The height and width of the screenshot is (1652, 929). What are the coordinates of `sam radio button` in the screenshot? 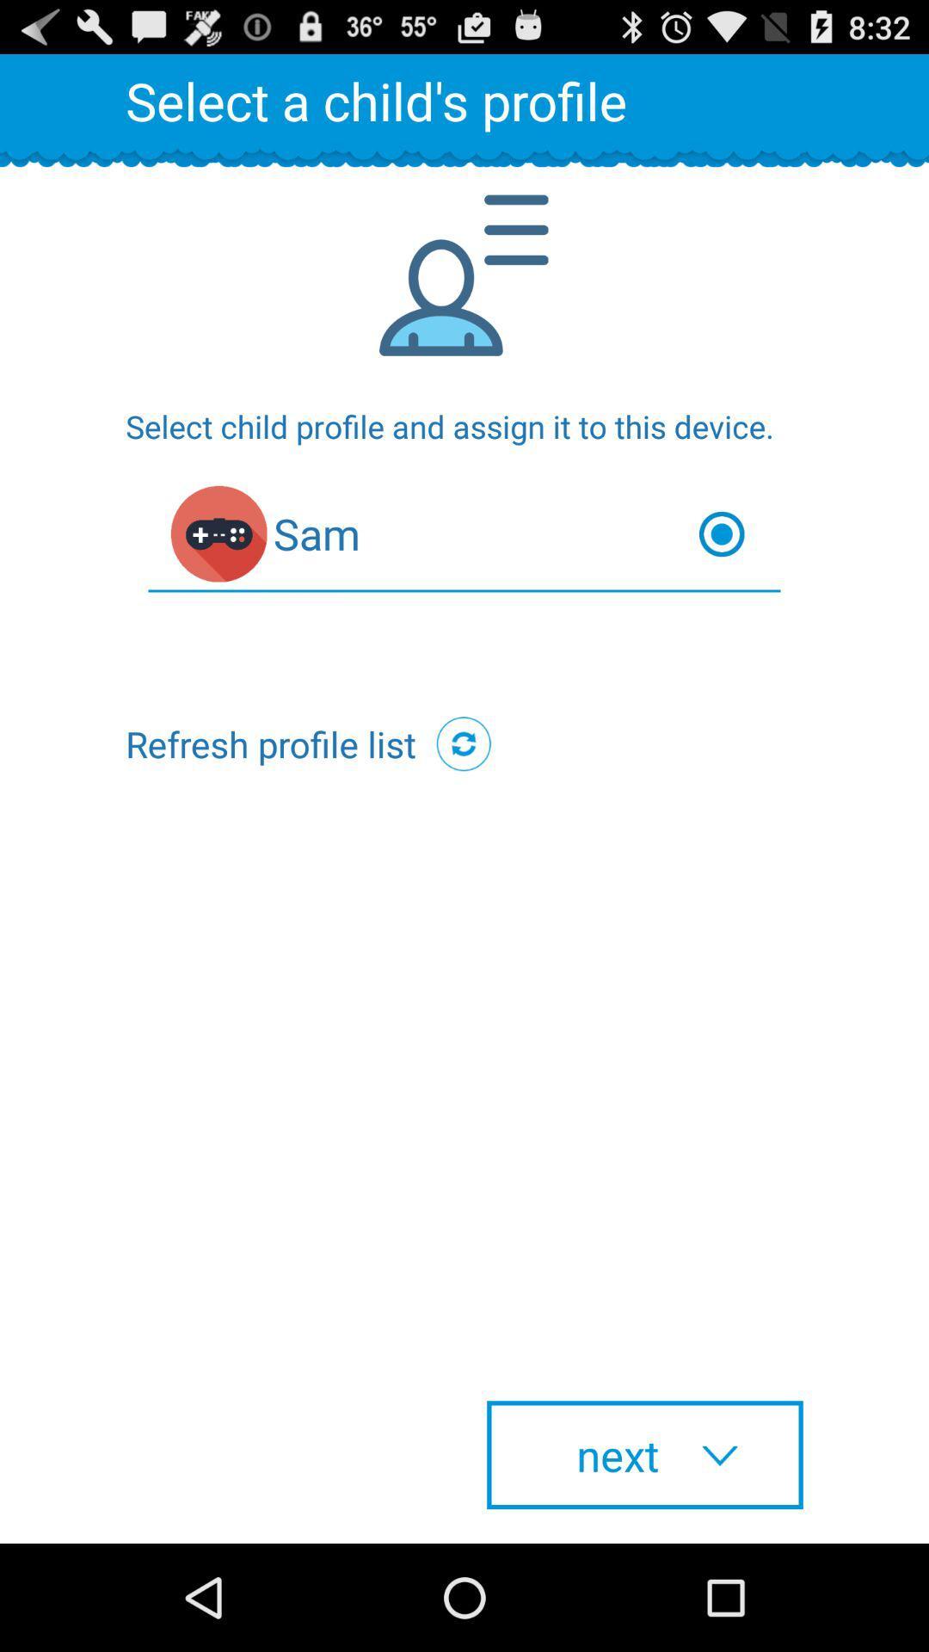 It's located at (464, 537).